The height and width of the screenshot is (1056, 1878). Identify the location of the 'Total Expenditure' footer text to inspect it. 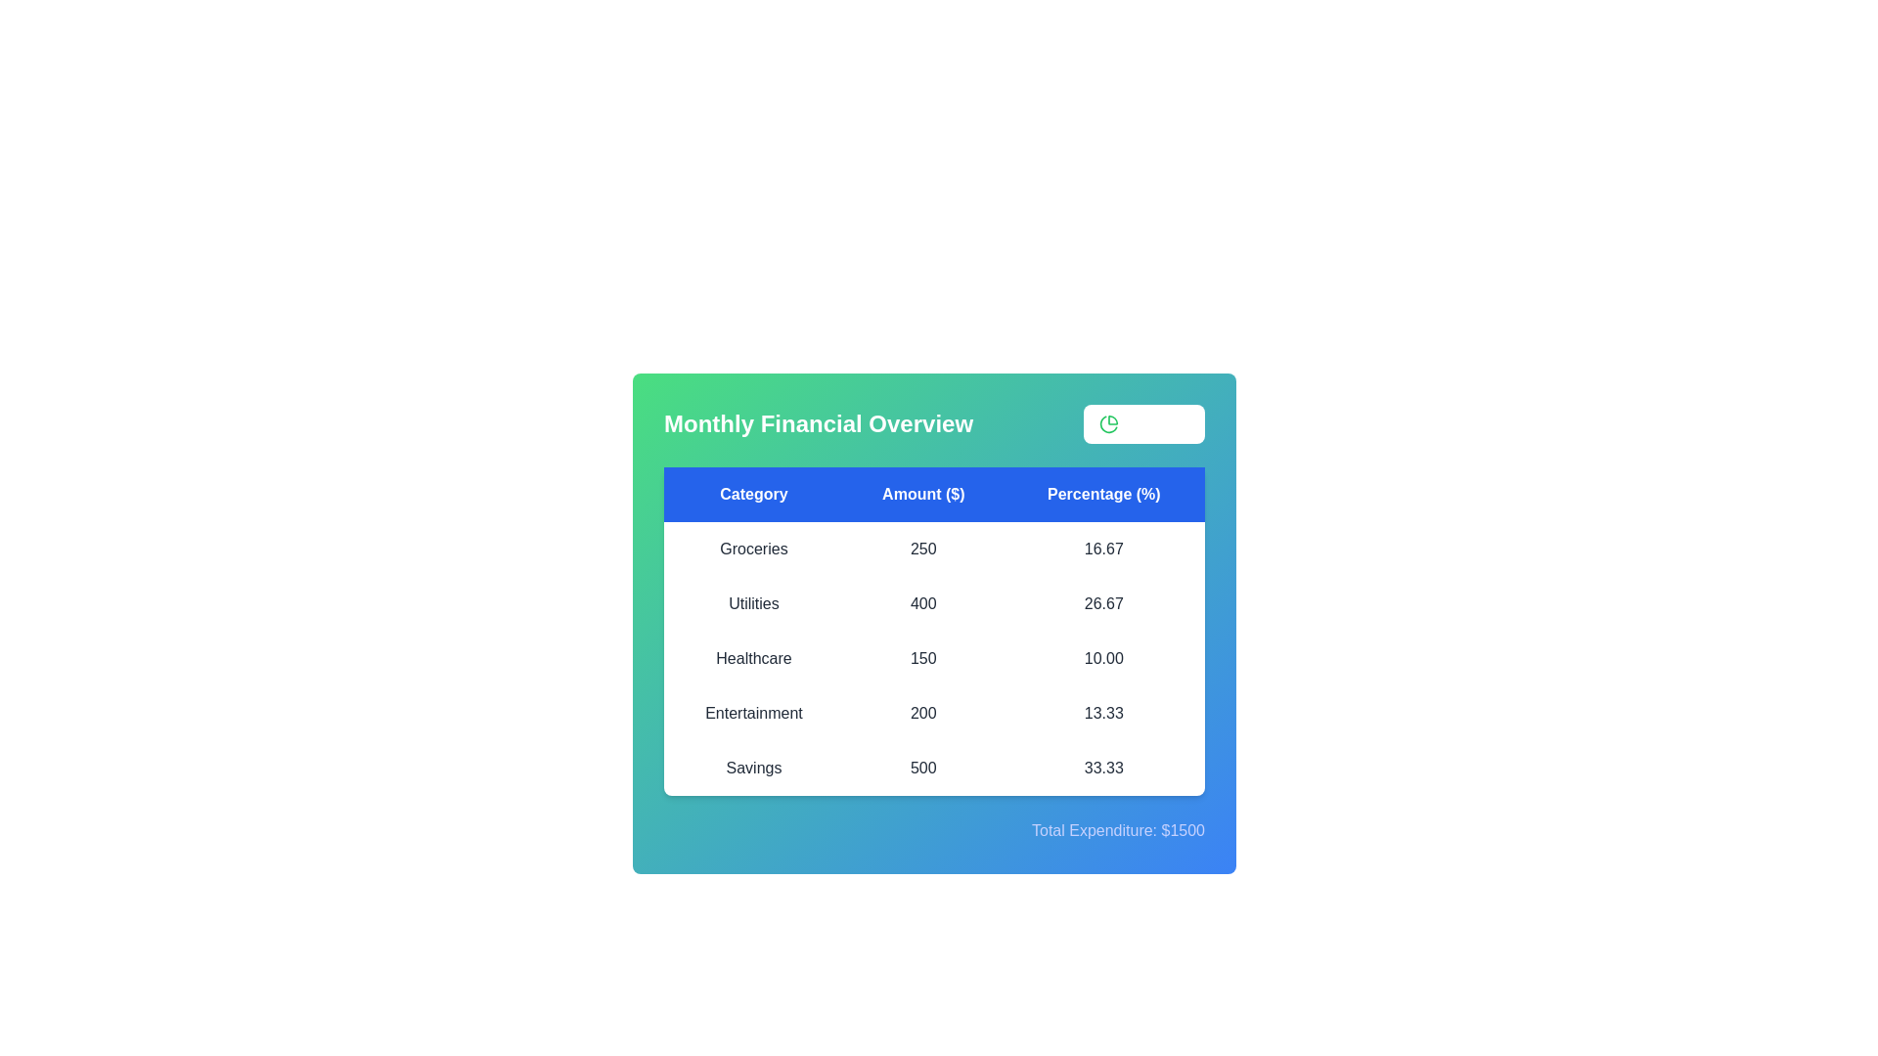
(933, 830).